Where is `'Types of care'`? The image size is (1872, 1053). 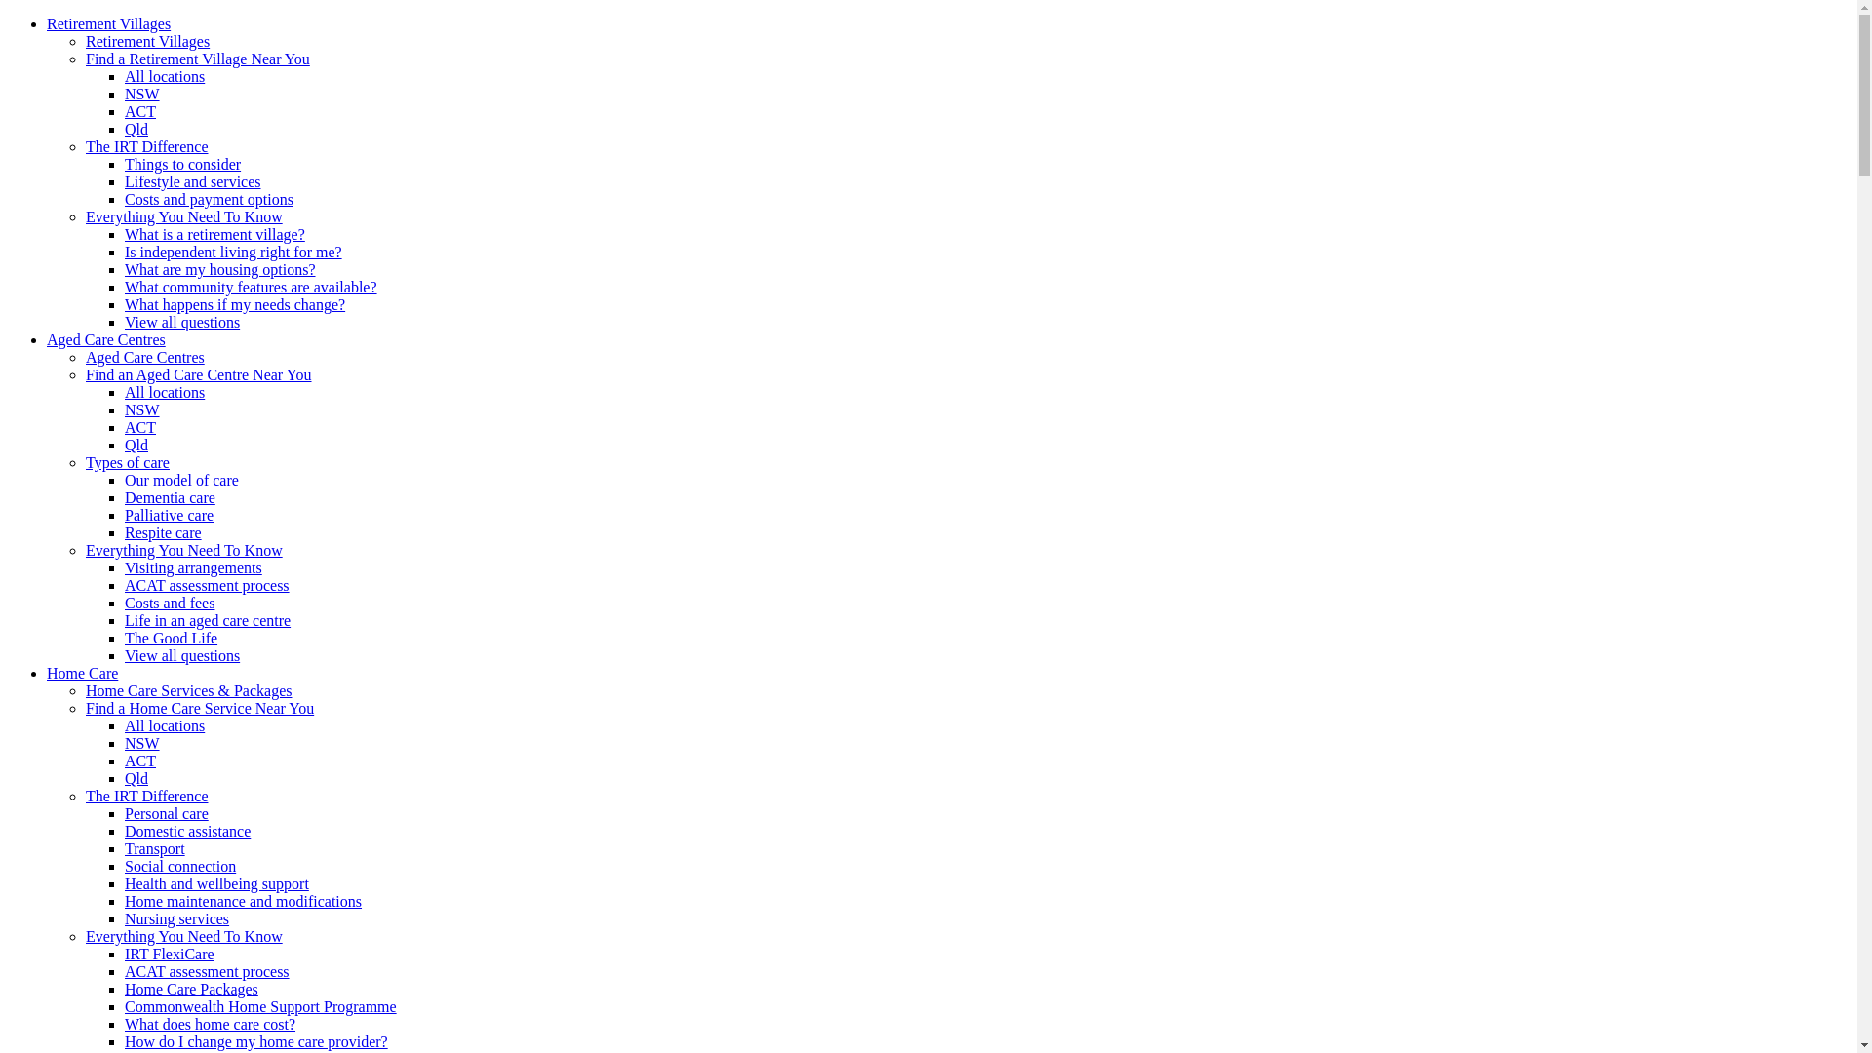 'Types of care' is located at coordinates (126, 462).